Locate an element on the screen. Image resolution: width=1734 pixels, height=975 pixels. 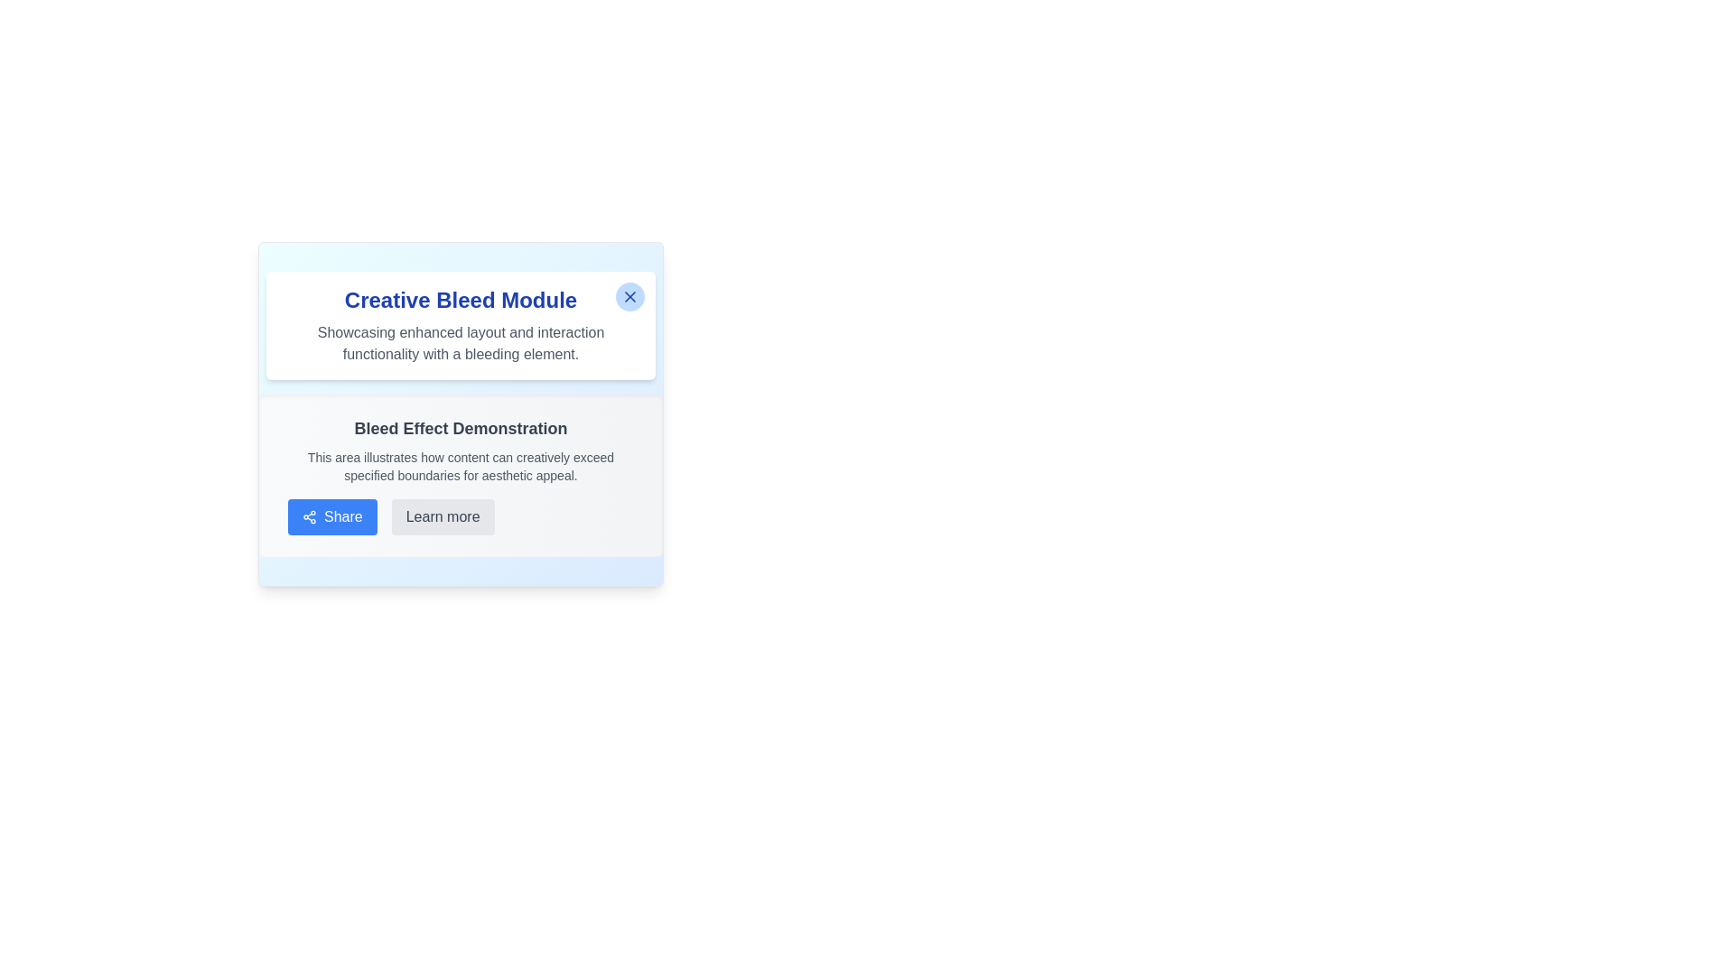
the 'Learn more' button, which is a rectangular button with a light gray background and dark gray text, located to the right of the 'Share' button is located at coordinates (443, 517).